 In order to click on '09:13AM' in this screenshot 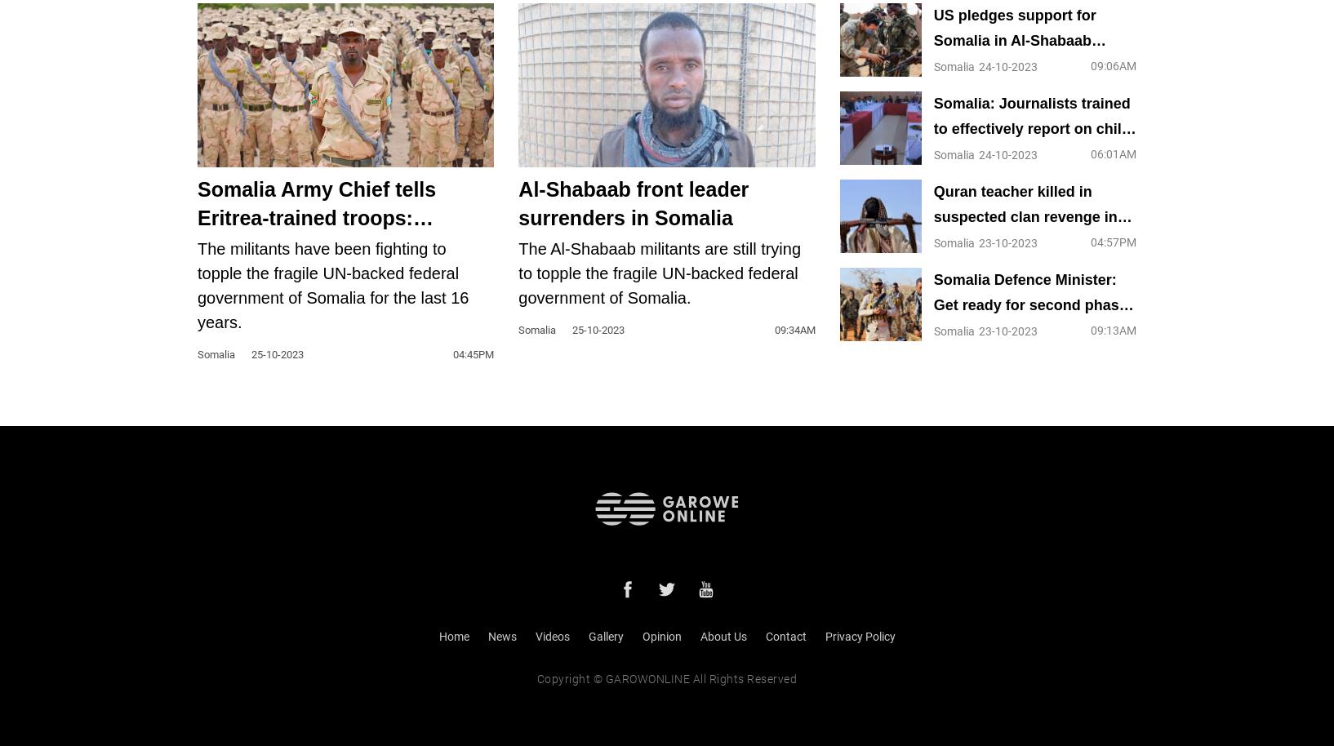, I will do `click(1088, 329)`.